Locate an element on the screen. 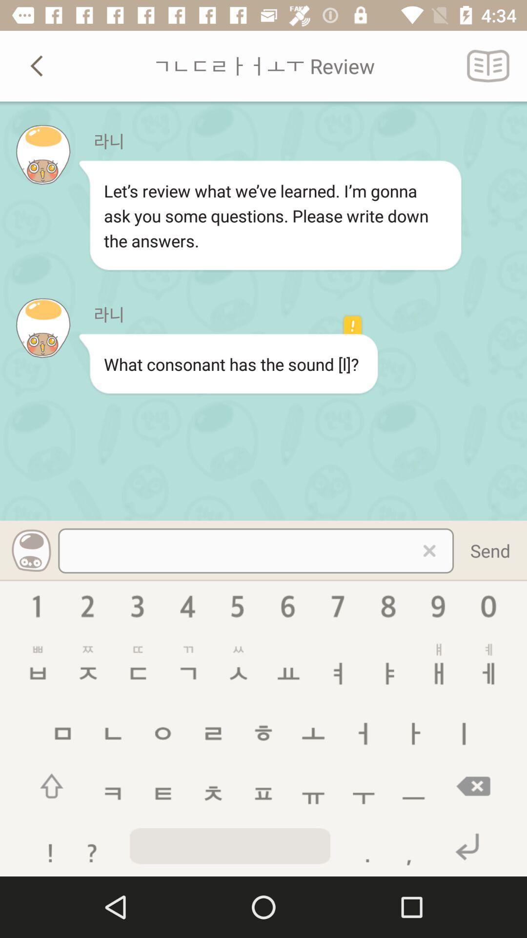 This screenshot has width=527, height=938. the info icon is located at coordinates (37, 608).